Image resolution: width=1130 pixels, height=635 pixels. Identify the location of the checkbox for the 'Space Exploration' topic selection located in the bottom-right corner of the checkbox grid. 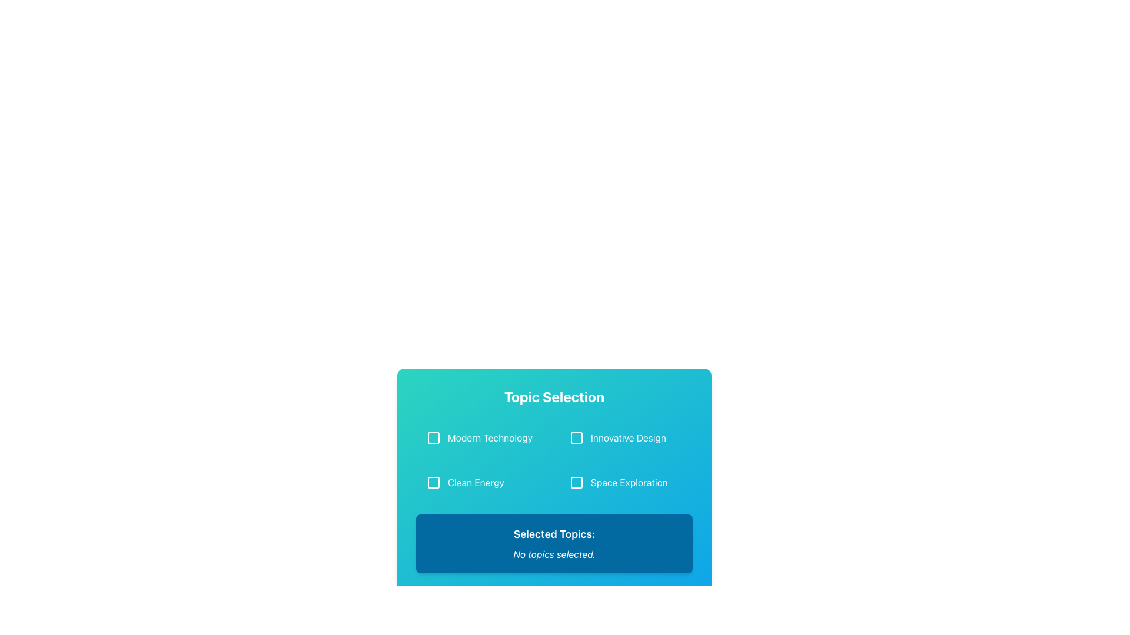
(576, 483).